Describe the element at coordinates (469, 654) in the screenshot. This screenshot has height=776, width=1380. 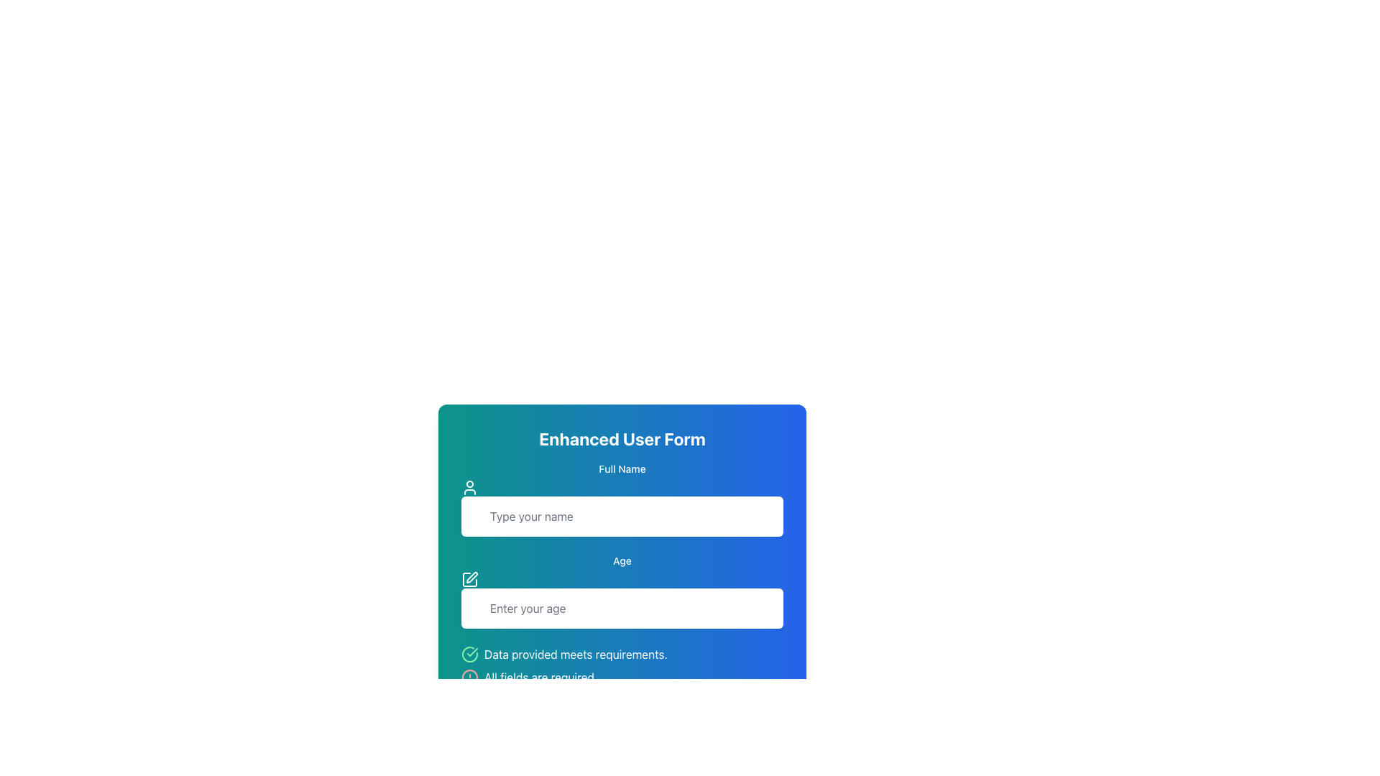
I see `the confirmation icon that indicates successful data provision, located below the 'Enter your age' input field and preceding the message 'Data provided meets requirements.'` at that location.